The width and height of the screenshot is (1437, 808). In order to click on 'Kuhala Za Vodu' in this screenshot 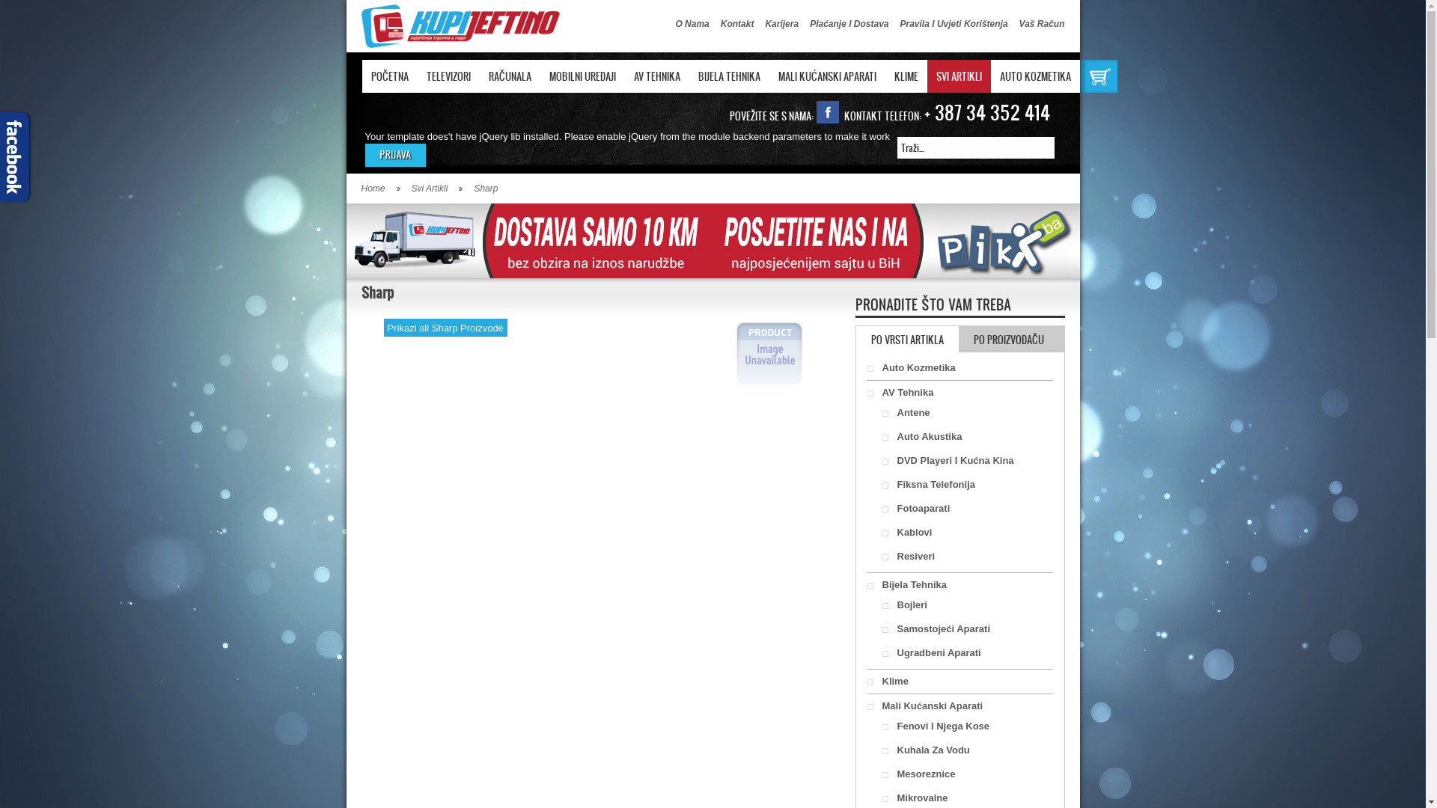, I will do `click(897, 750)`.